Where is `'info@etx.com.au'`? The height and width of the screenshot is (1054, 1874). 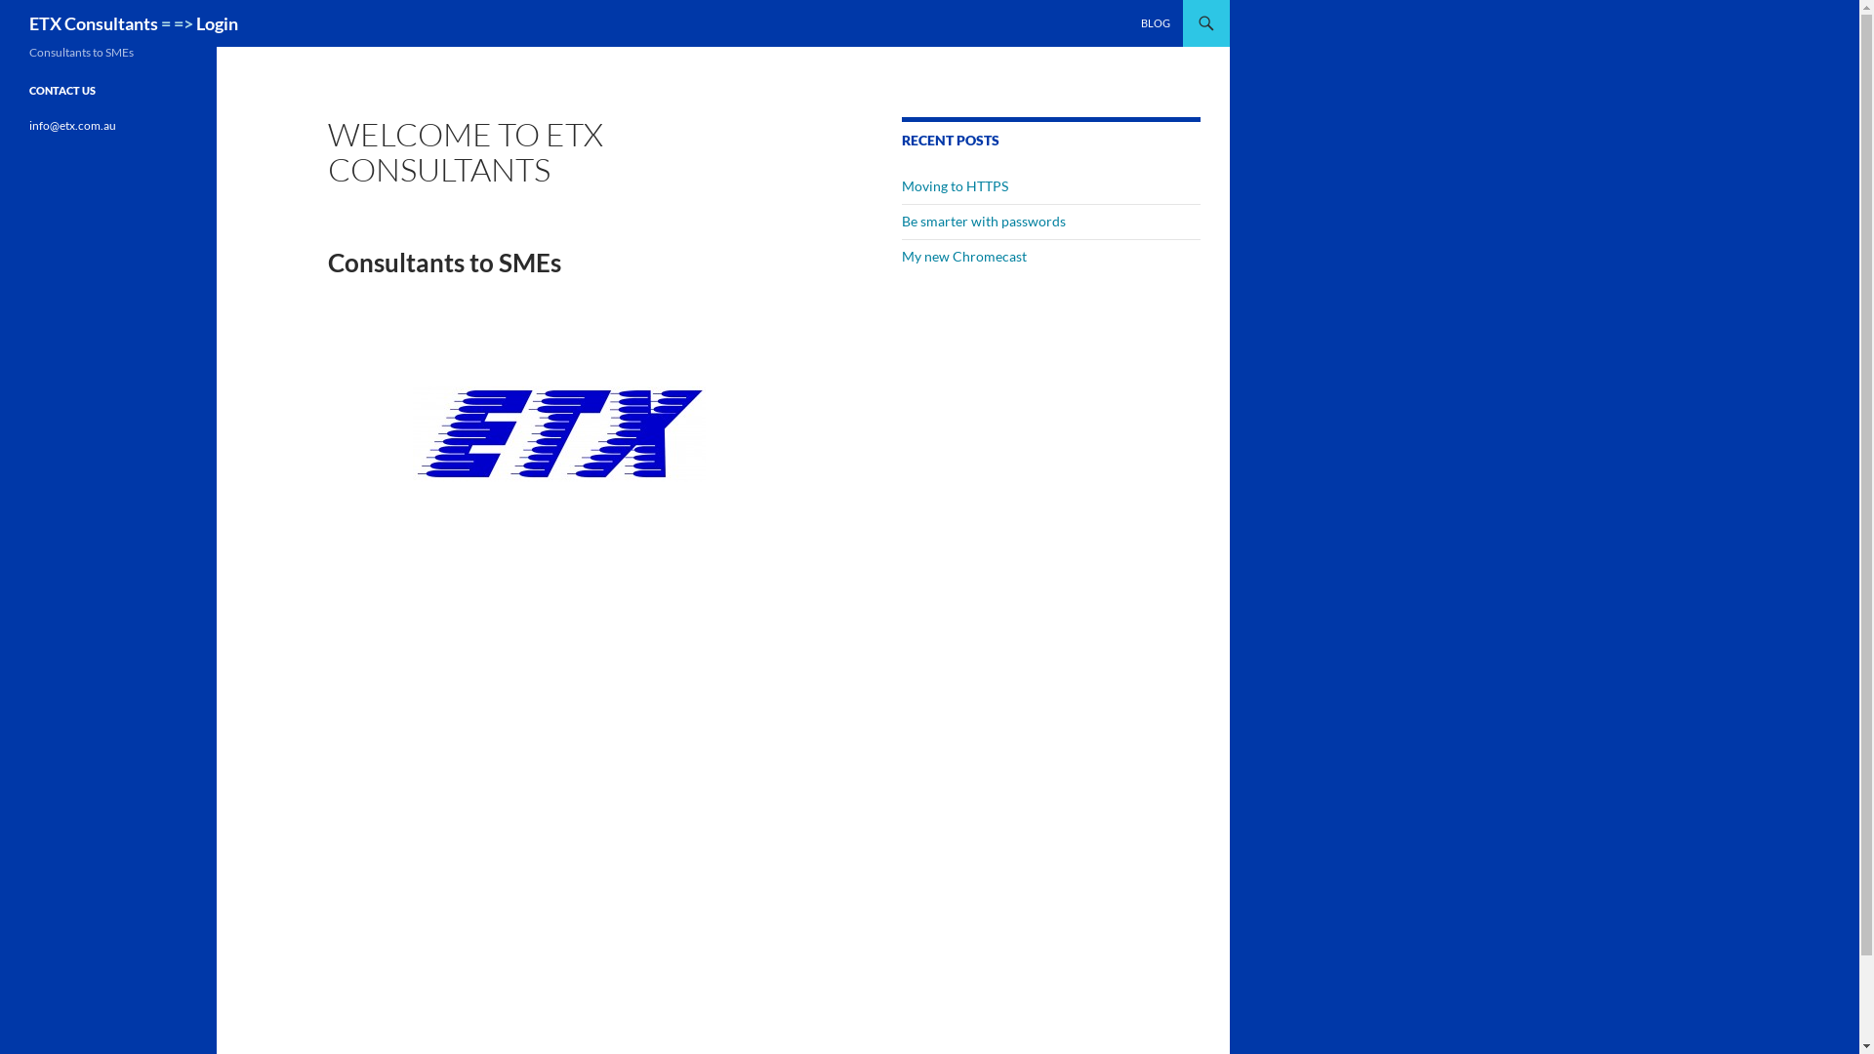
'info@etx.com.au' is located at coordinates (72, 125).